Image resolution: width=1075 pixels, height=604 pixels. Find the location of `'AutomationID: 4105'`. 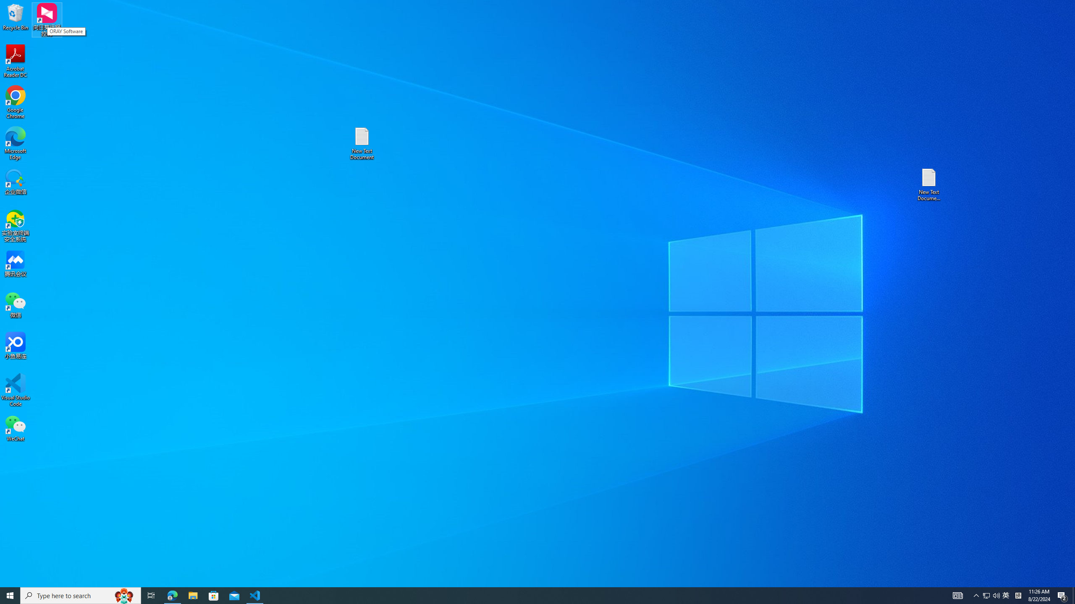

'AutomationID: 4105' is located at coordinates (957, 595).